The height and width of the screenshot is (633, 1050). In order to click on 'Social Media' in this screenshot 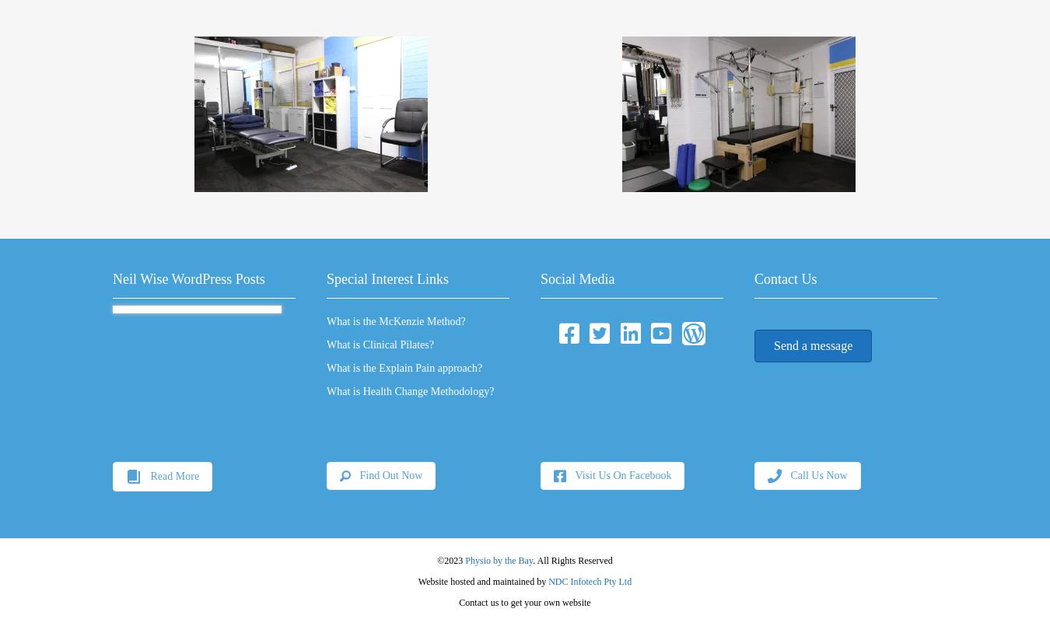, I will do `click(576, 278)`.